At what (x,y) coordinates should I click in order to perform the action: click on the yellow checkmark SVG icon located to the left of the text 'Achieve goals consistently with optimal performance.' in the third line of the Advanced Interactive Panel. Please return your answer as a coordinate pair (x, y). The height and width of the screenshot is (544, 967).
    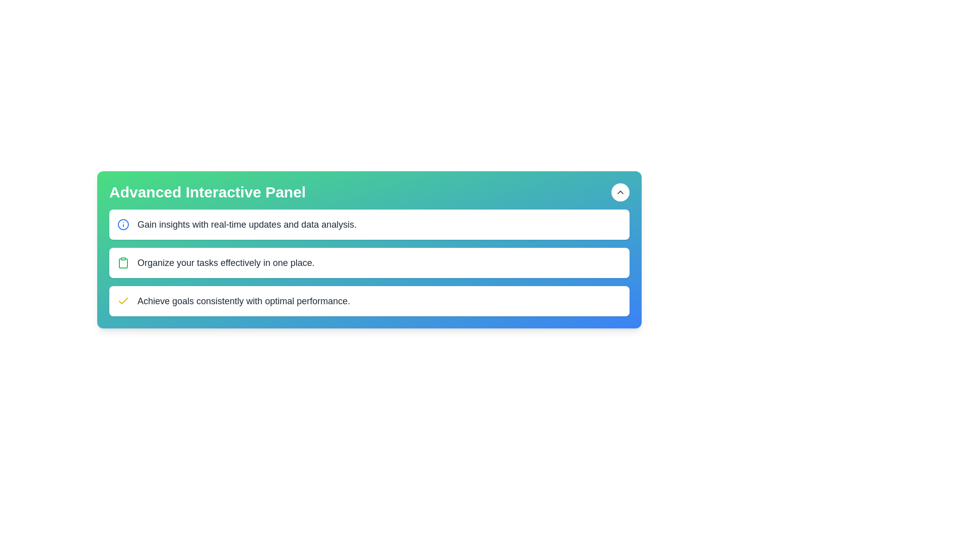
    Looking at the image, I should click on (122, 300).